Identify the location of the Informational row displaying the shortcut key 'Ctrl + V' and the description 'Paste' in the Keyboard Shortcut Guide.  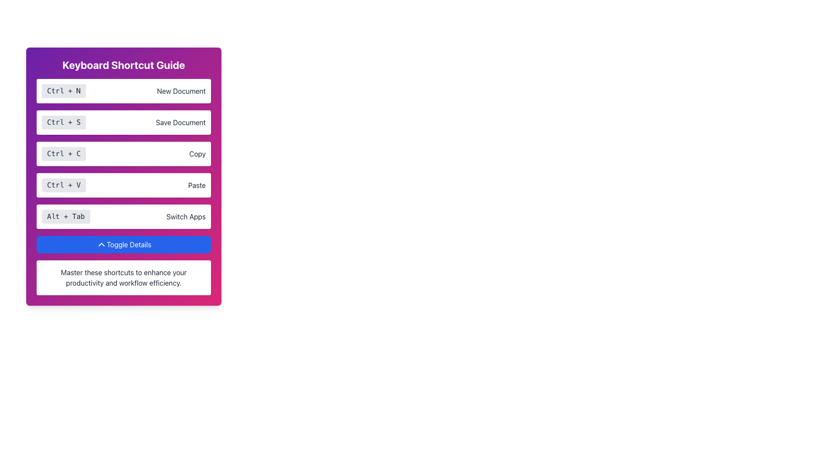
(123, 184).